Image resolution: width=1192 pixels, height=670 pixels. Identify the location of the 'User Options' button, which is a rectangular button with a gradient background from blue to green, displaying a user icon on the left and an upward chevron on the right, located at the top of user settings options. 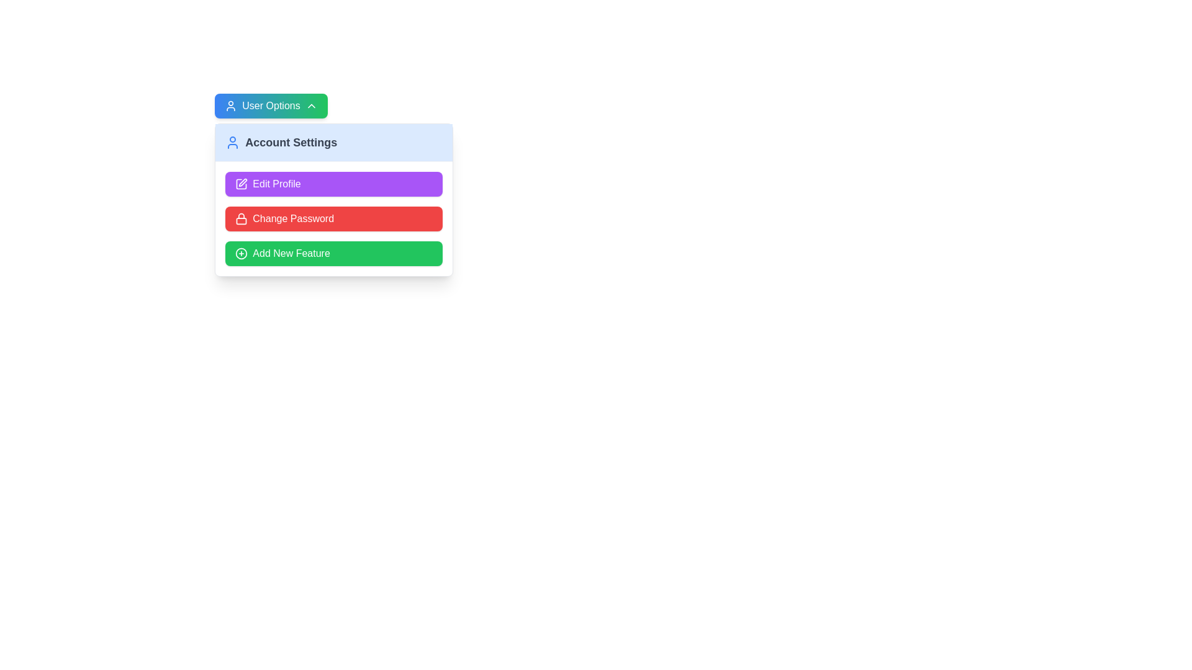
(270, 105).